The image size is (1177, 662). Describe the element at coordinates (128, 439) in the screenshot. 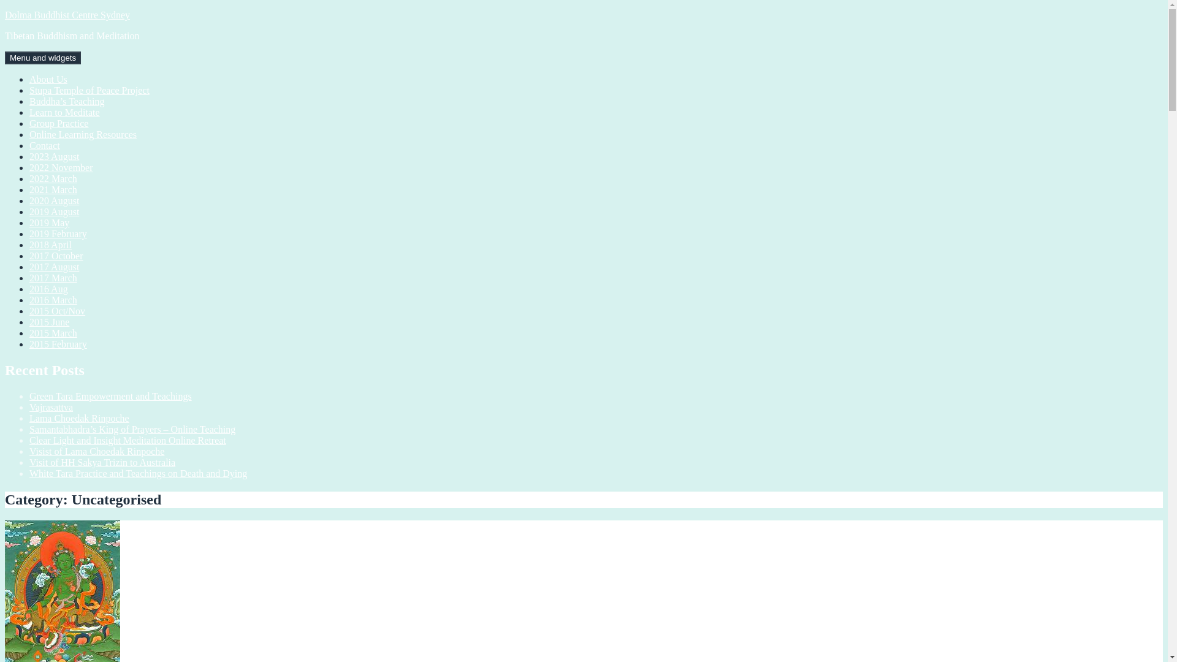

I see `'Clear Light and Insight Meditation Online Retreat'` at that location.